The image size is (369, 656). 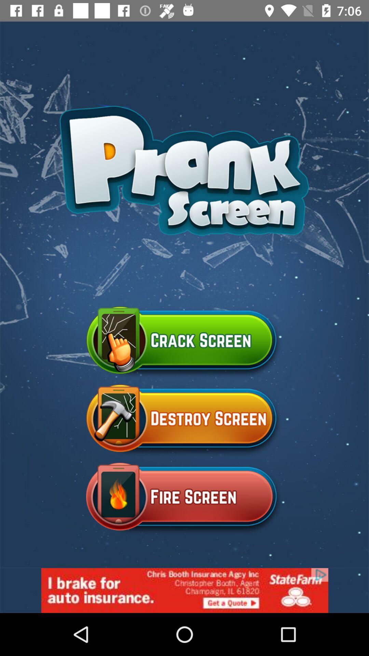 I want to click on destroy screen, so click(x=184, y=421).